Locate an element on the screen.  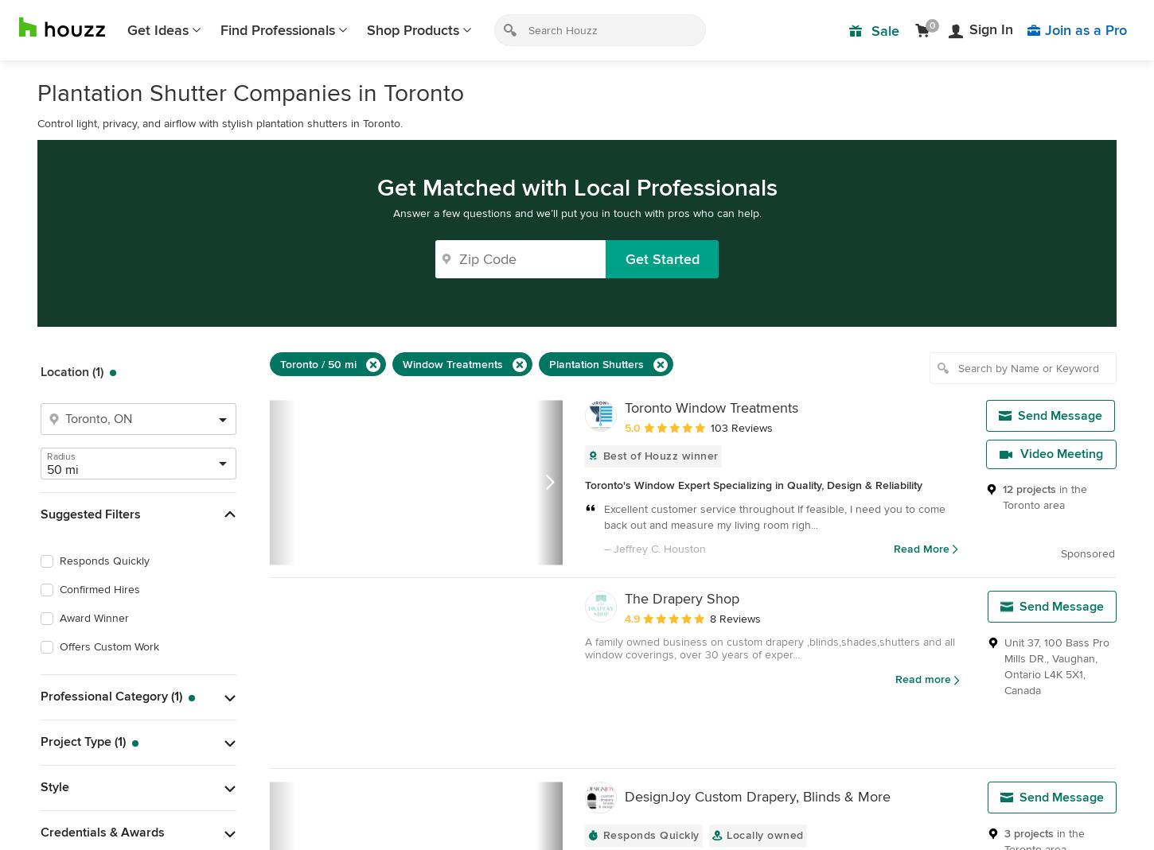
'Get Ideas' is located at coordinates (157, 29).